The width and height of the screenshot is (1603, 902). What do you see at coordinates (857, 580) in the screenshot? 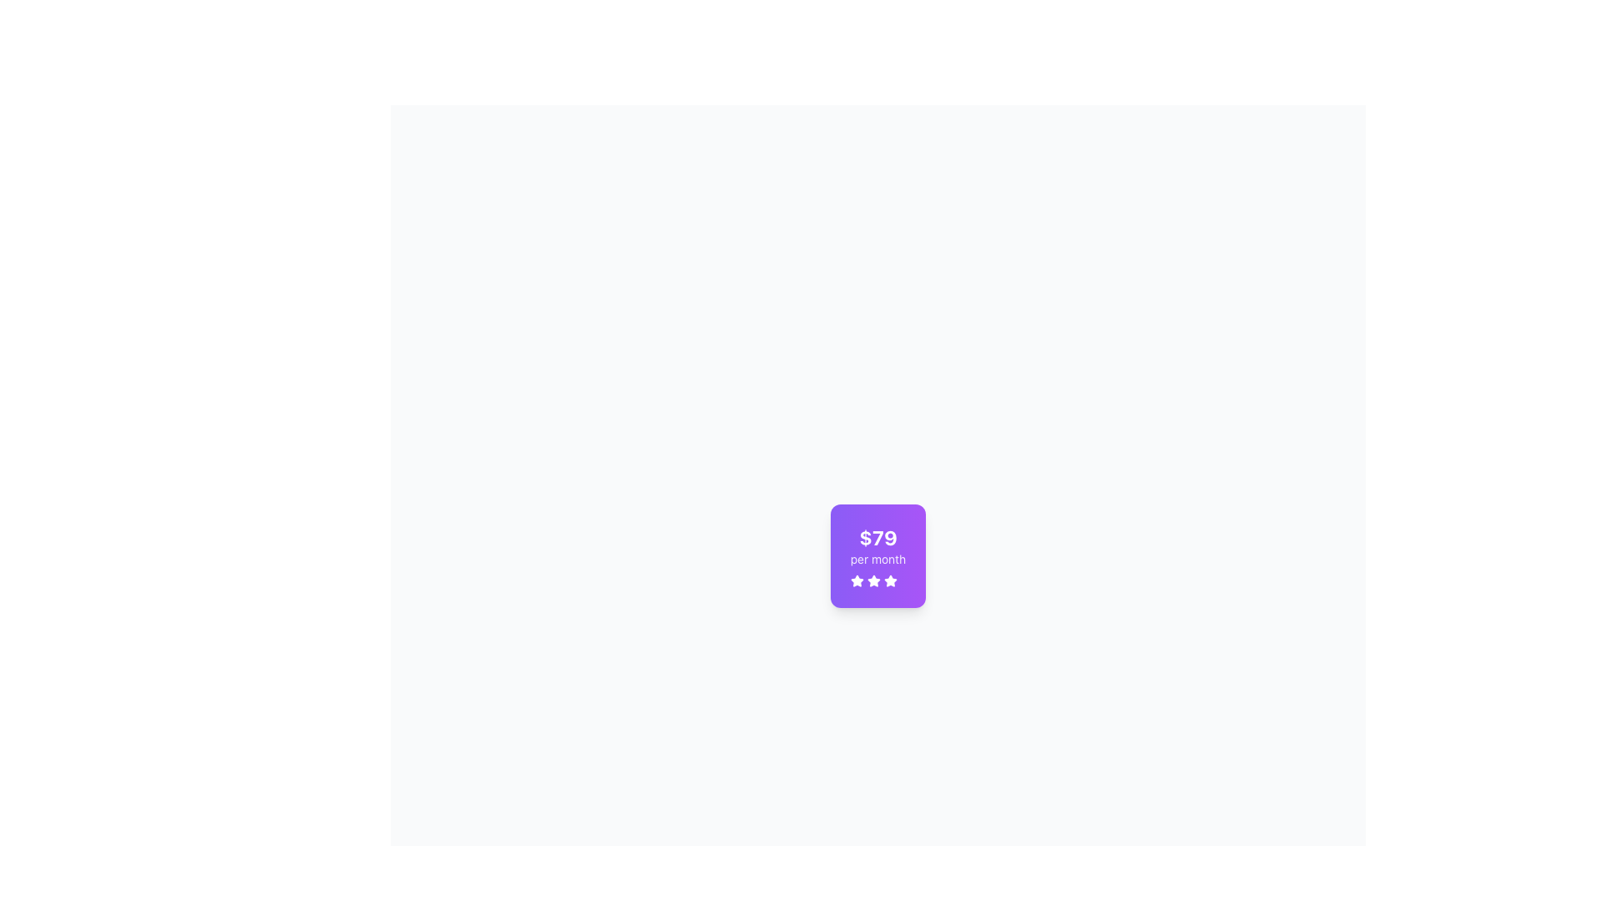
I see `the leftmost five-pointed star icon, which is white on a purple background, to highlight or select it for a rating` at bounding box center [857, 580].